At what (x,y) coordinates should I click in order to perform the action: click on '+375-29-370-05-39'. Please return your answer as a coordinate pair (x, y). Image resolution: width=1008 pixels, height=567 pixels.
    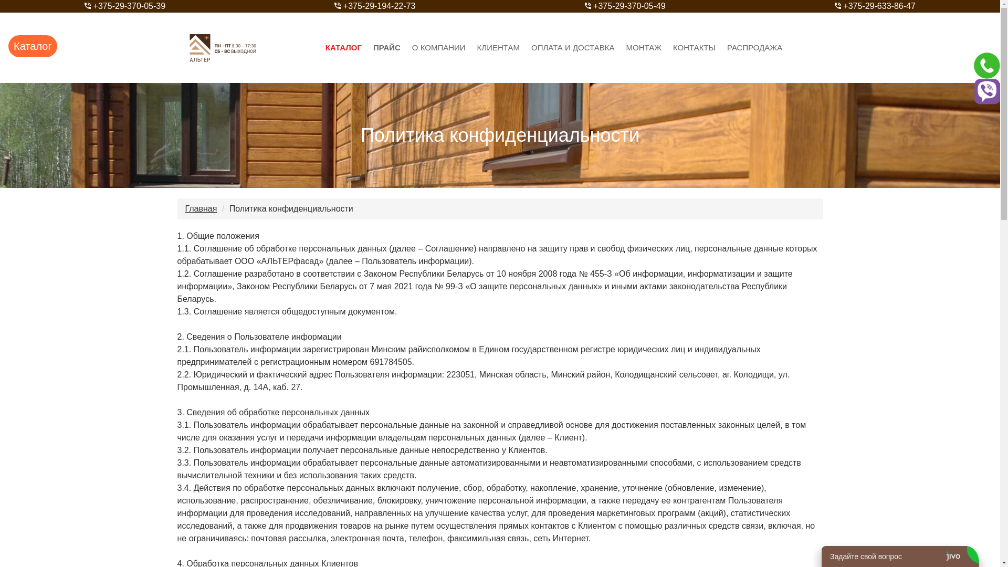
    Looking at the image, I should click on (125, 6).